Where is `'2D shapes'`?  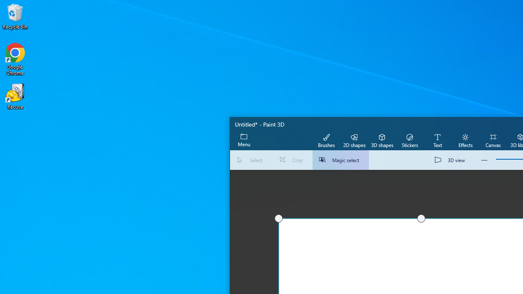
'2D shapes' is located at coordinates (354, 140).